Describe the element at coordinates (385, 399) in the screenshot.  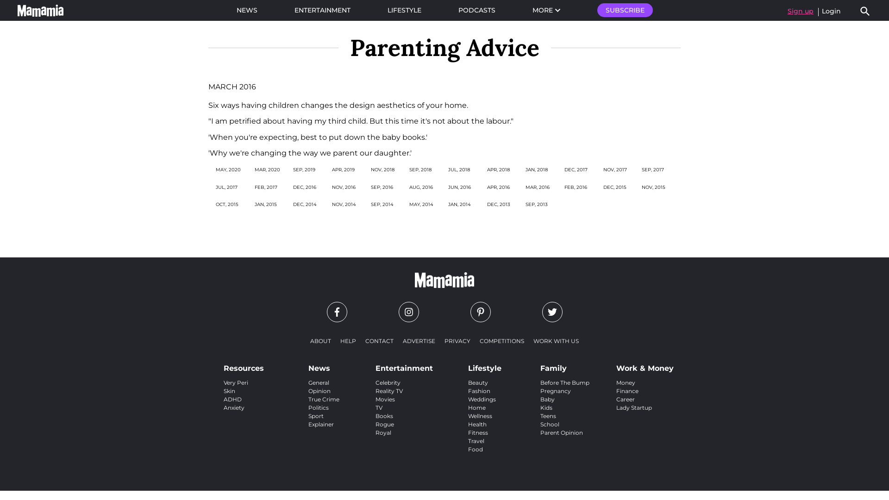
I see `'Movies'` at that location.